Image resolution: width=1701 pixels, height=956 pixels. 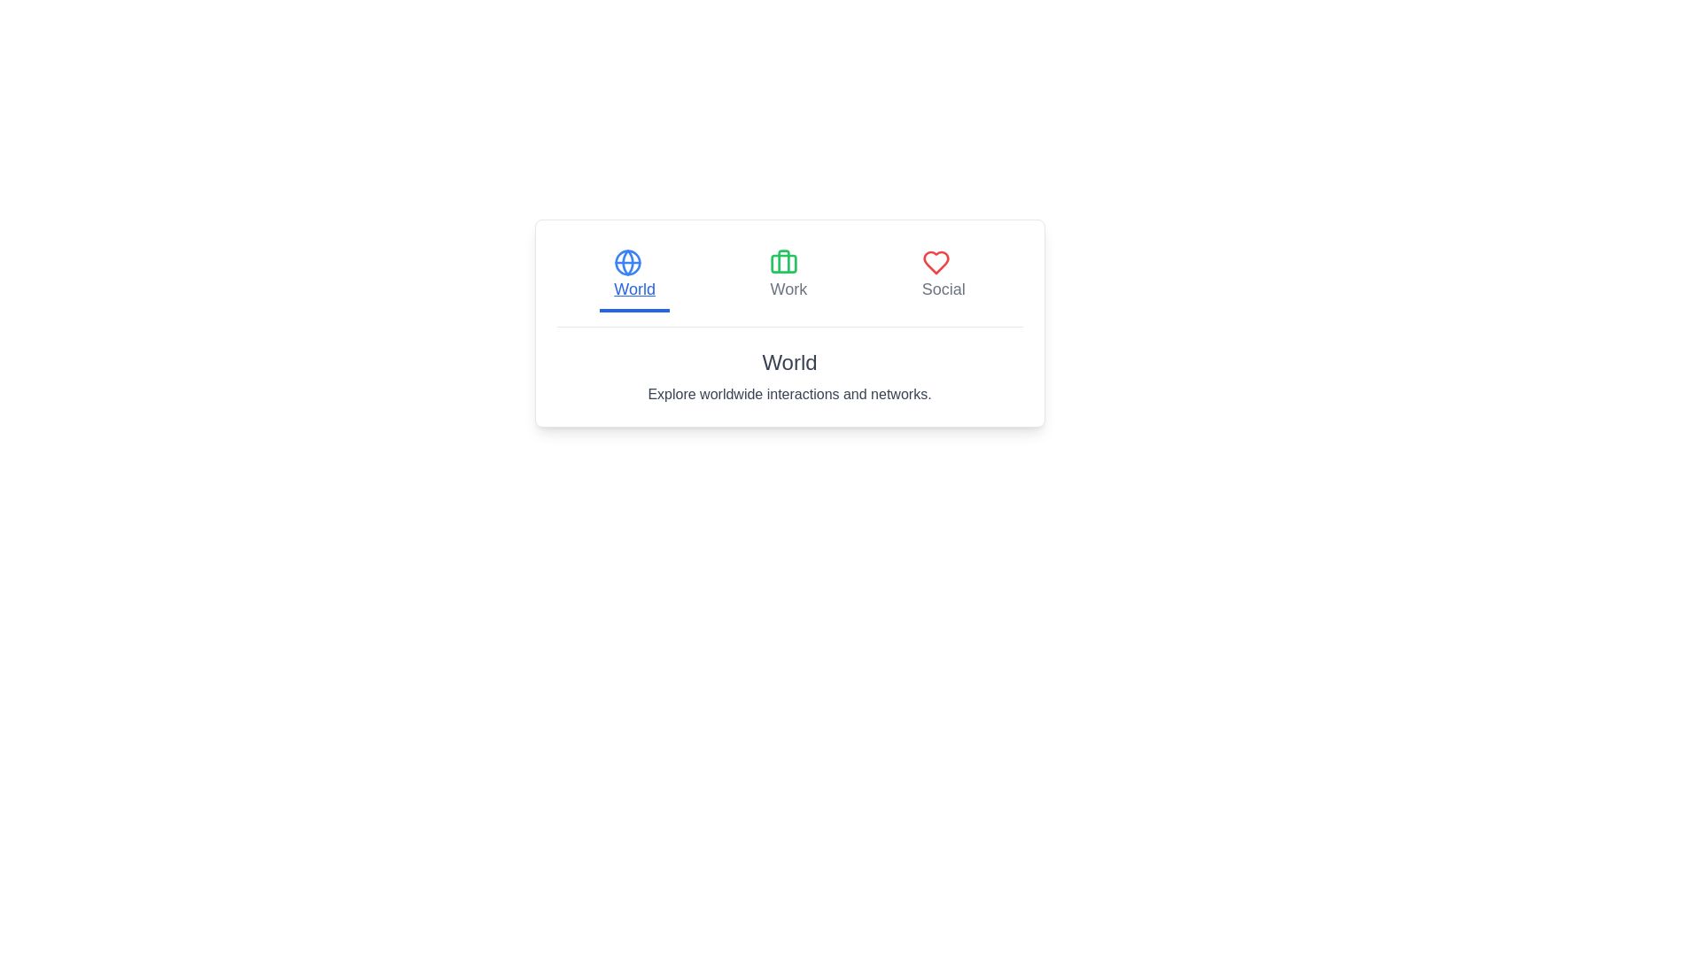 What do you see at coordinates (788, 276) in the screenshot?
I see `the tab labeled Work by clicking its corresponding button` at bounding box center [788, 276].